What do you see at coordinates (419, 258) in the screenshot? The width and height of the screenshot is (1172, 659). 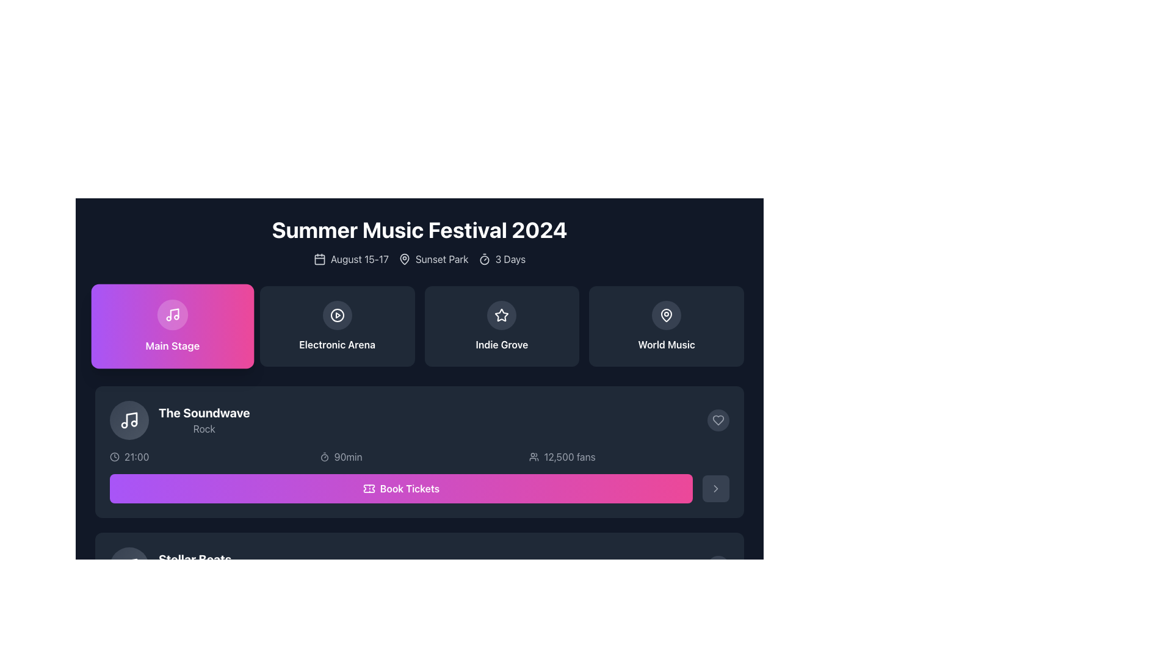 I see `the second section of the Text and icon grouping that provides essential details about the Summer Music Festival 2024 event` at bounding box center [419, 258].